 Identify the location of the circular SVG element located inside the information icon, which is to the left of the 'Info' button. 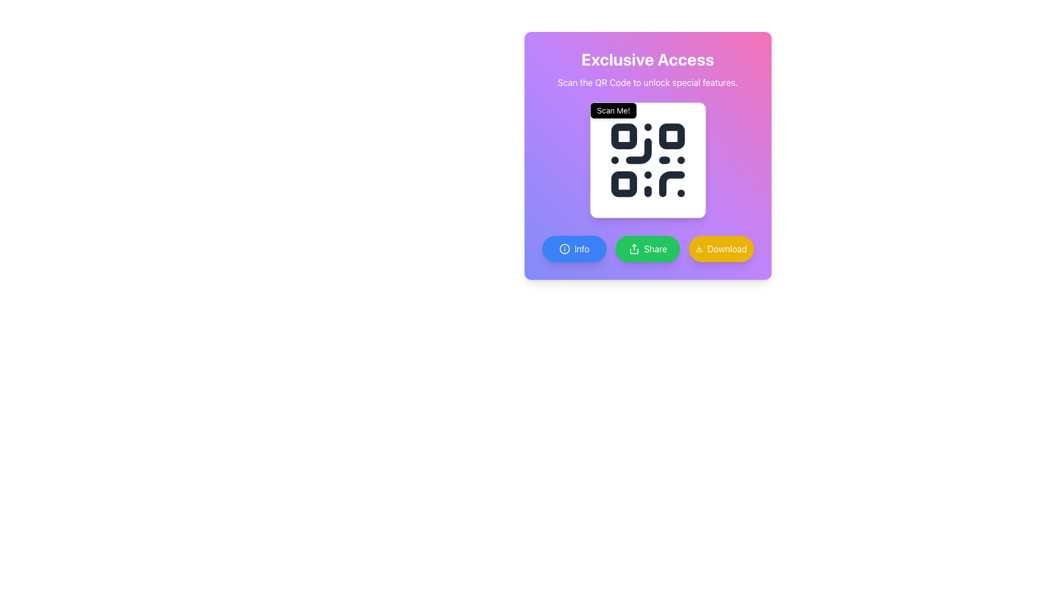
(564, 248).